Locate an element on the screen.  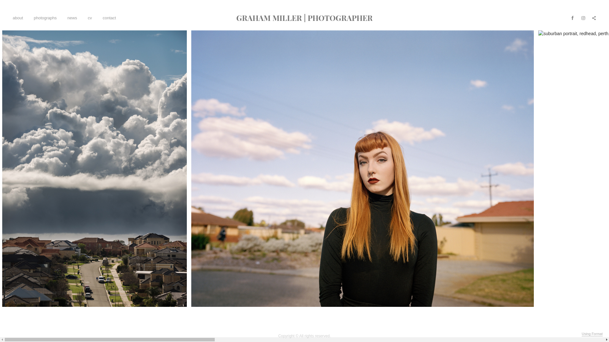
'Instagram' is located at coordinates (583, 17).